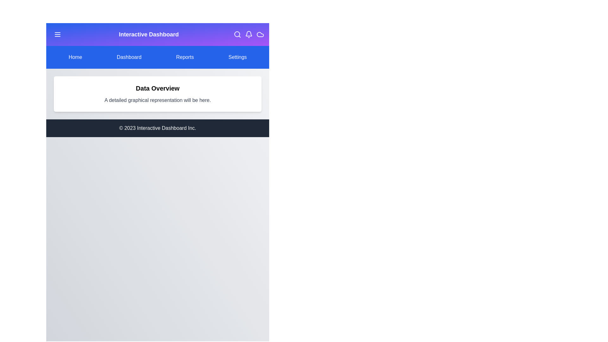  Describe the element at coordinates (129, 57) in the screenshot. I see `the menu item Dashboard to navigate to the corresponding section` at that location.